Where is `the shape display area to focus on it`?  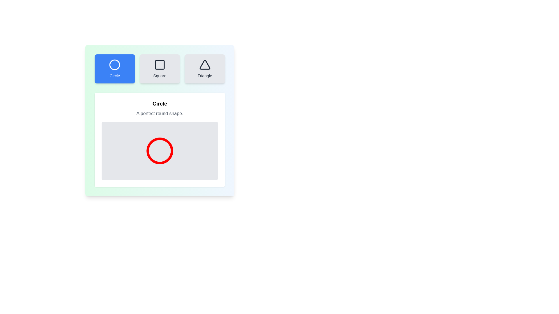 the shape display area to focus on it is located at coordinates (160, 151).